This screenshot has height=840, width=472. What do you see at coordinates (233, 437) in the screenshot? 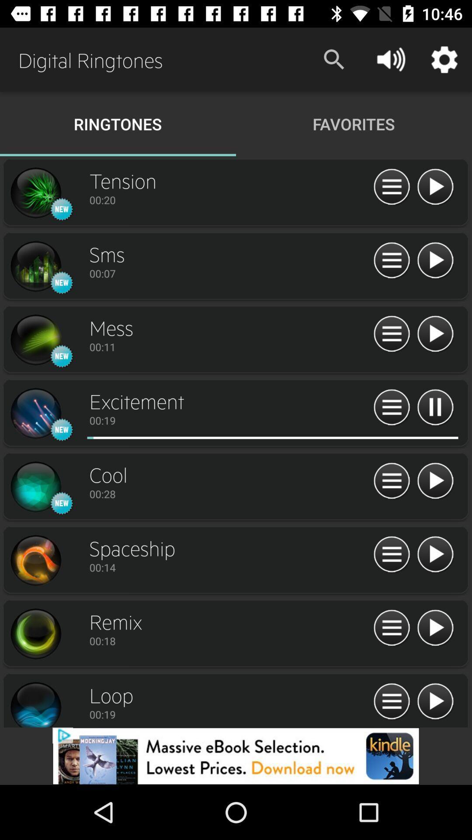
I see `excitement option` at bounding box center [233, 437].